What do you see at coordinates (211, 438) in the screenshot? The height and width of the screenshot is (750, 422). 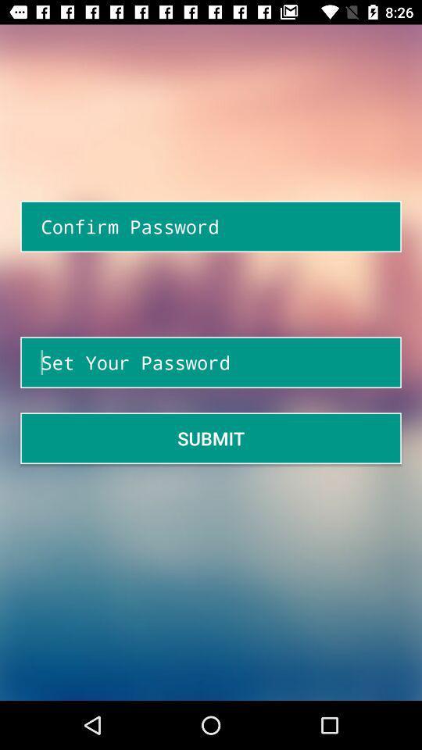 I see `submit` at bounding box center [211, 438].